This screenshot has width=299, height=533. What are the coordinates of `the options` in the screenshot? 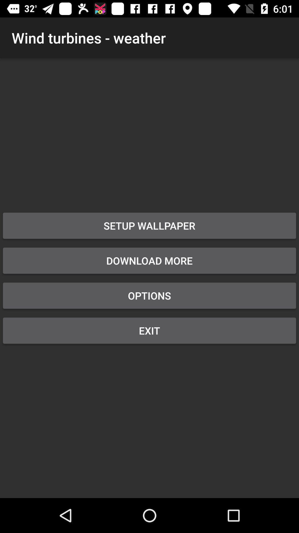 It's located at (149, 295).